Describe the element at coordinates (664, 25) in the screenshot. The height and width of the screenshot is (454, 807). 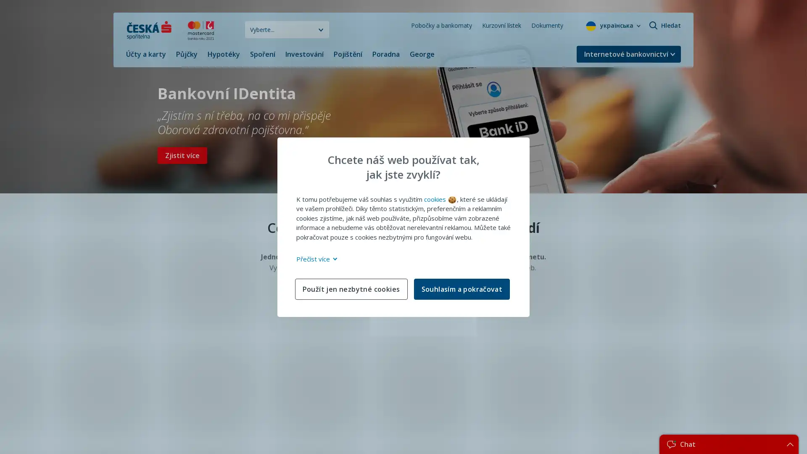
I see `Hledat` at that location.